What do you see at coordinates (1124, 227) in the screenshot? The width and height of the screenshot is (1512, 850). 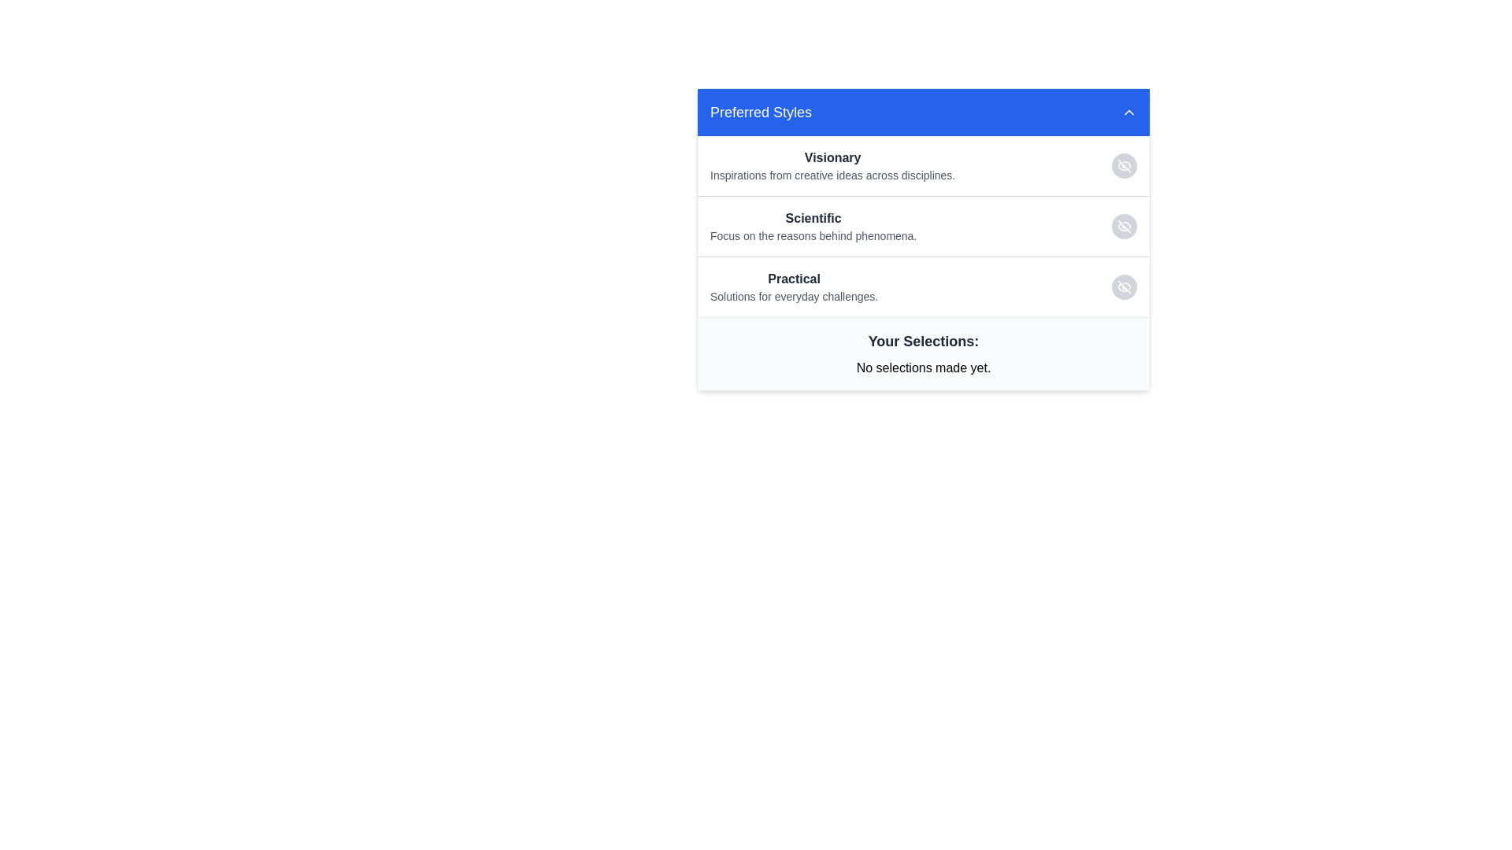 I see `the button with an embedded icon in the 'Scientific' category` at bounding box center [1124, 227].